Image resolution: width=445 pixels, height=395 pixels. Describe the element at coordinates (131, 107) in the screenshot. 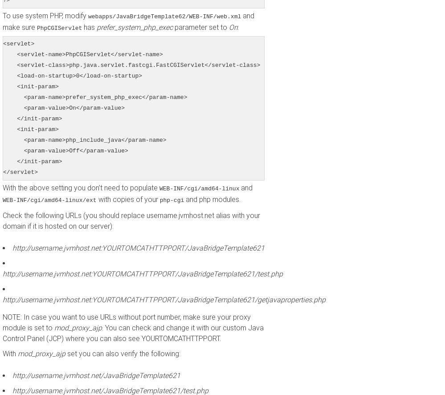

I see `'<servlet>
    <servlet-name>PhpCGIServlet</servlet-name>
    <servlet-class>php.java.servlet.fastcgi.FastCGIServlet</servlet-class>
    <load-on-startup>0</load-on-startup>
    <init-param>
      <param-name>prefer_system_php_exec</param-name>
      <param-value>On</param-value>
    </init-param>
    <init-param>
      <param-name>php_include_java</param-name>
      <param-value>Off</param-value>
    </init-param>
</servlet>'` at that location.